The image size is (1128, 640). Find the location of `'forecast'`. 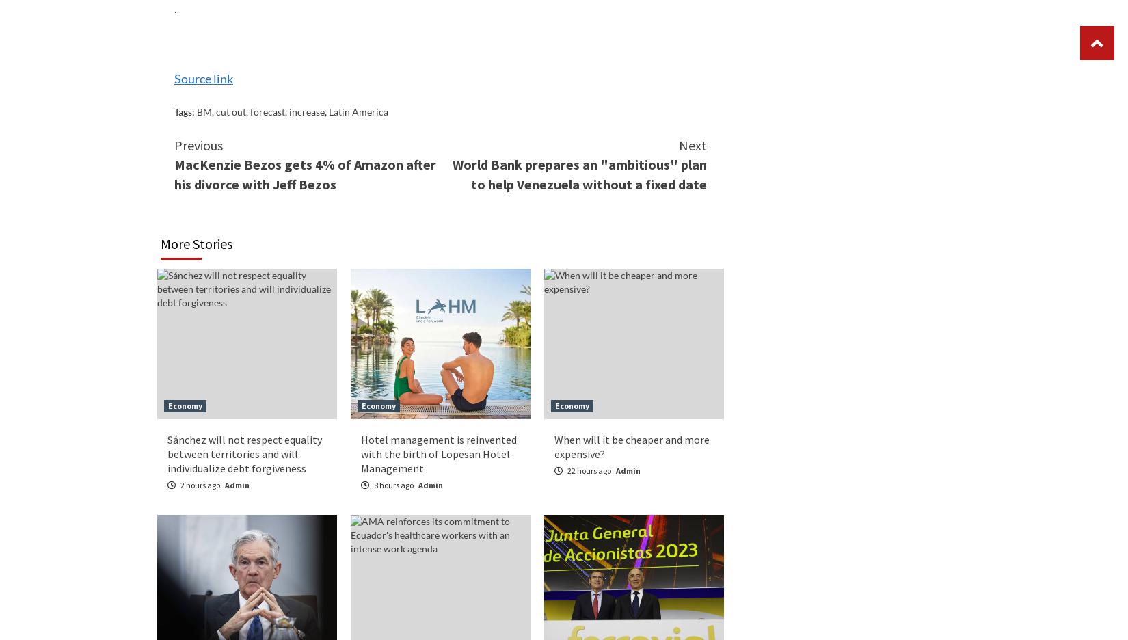

'forecast' is located at coordinates (267, 110).